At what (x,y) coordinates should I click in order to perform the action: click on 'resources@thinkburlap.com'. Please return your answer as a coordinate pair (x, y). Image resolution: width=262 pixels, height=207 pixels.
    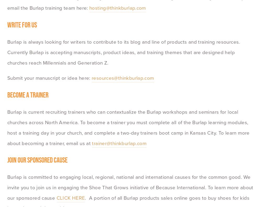
    Looking at the image, I should click on (122, 78).